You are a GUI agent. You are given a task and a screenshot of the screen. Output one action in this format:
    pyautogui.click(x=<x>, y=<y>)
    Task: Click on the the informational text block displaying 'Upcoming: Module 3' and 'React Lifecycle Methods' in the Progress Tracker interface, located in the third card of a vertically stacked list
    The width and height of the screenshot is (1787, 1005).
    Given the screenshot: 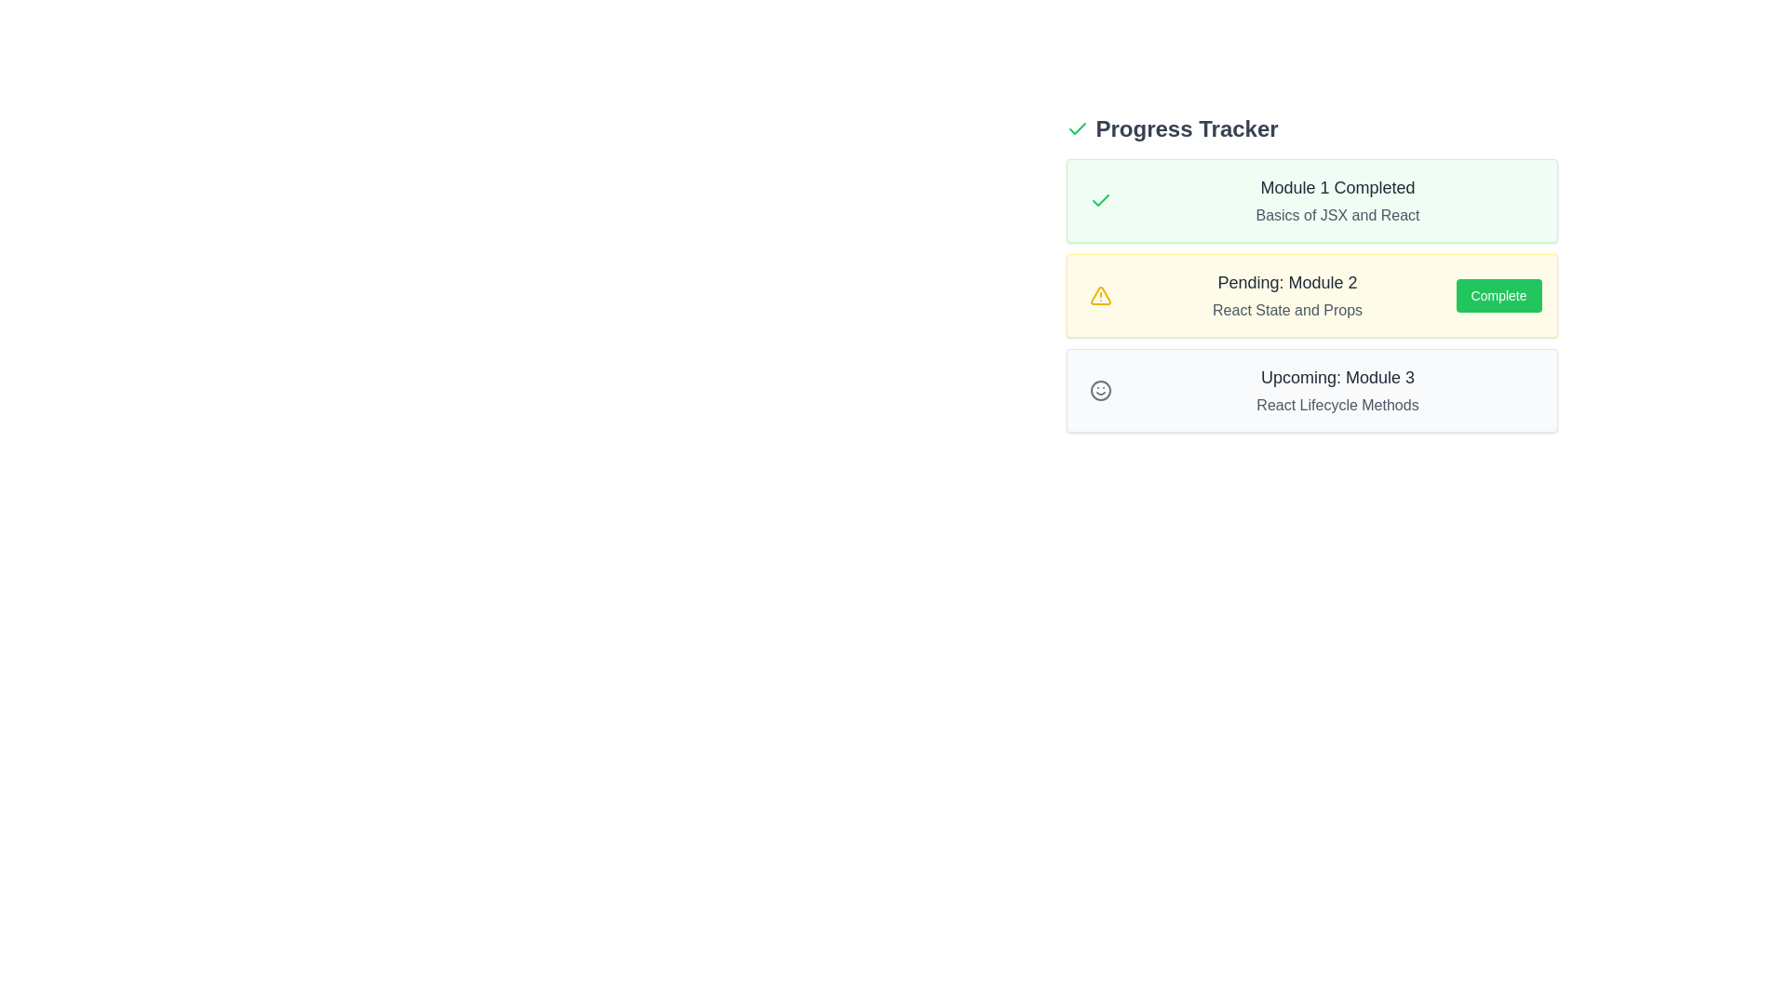 What is the action you would take?
    pyautogui.click(x=1337, y=390)
    